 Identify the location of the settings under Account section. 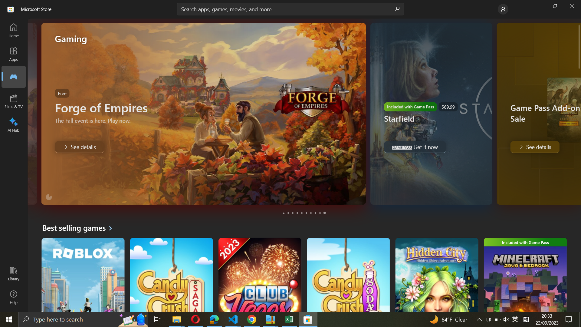
(502, 9).